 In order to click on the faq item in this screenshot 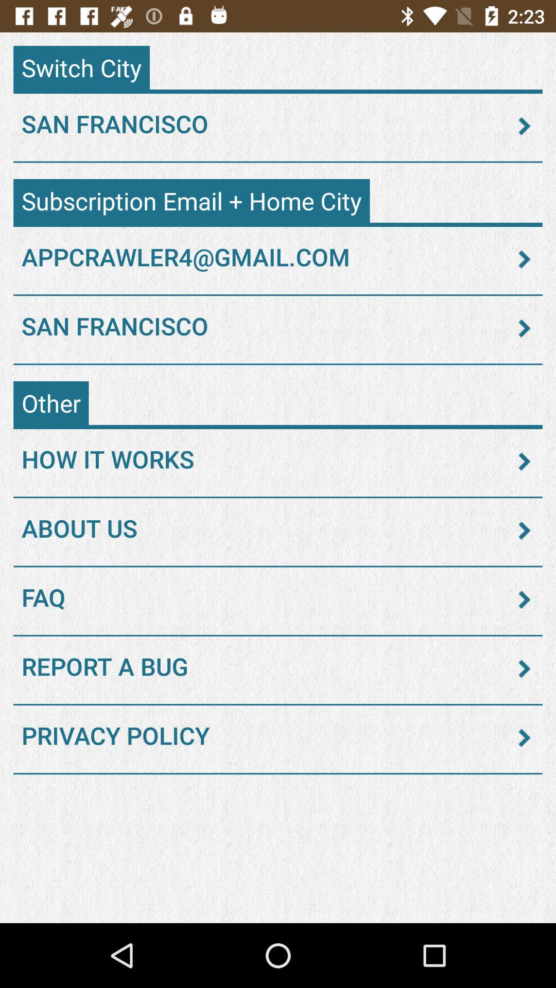, I will do `click(278, 599)`.